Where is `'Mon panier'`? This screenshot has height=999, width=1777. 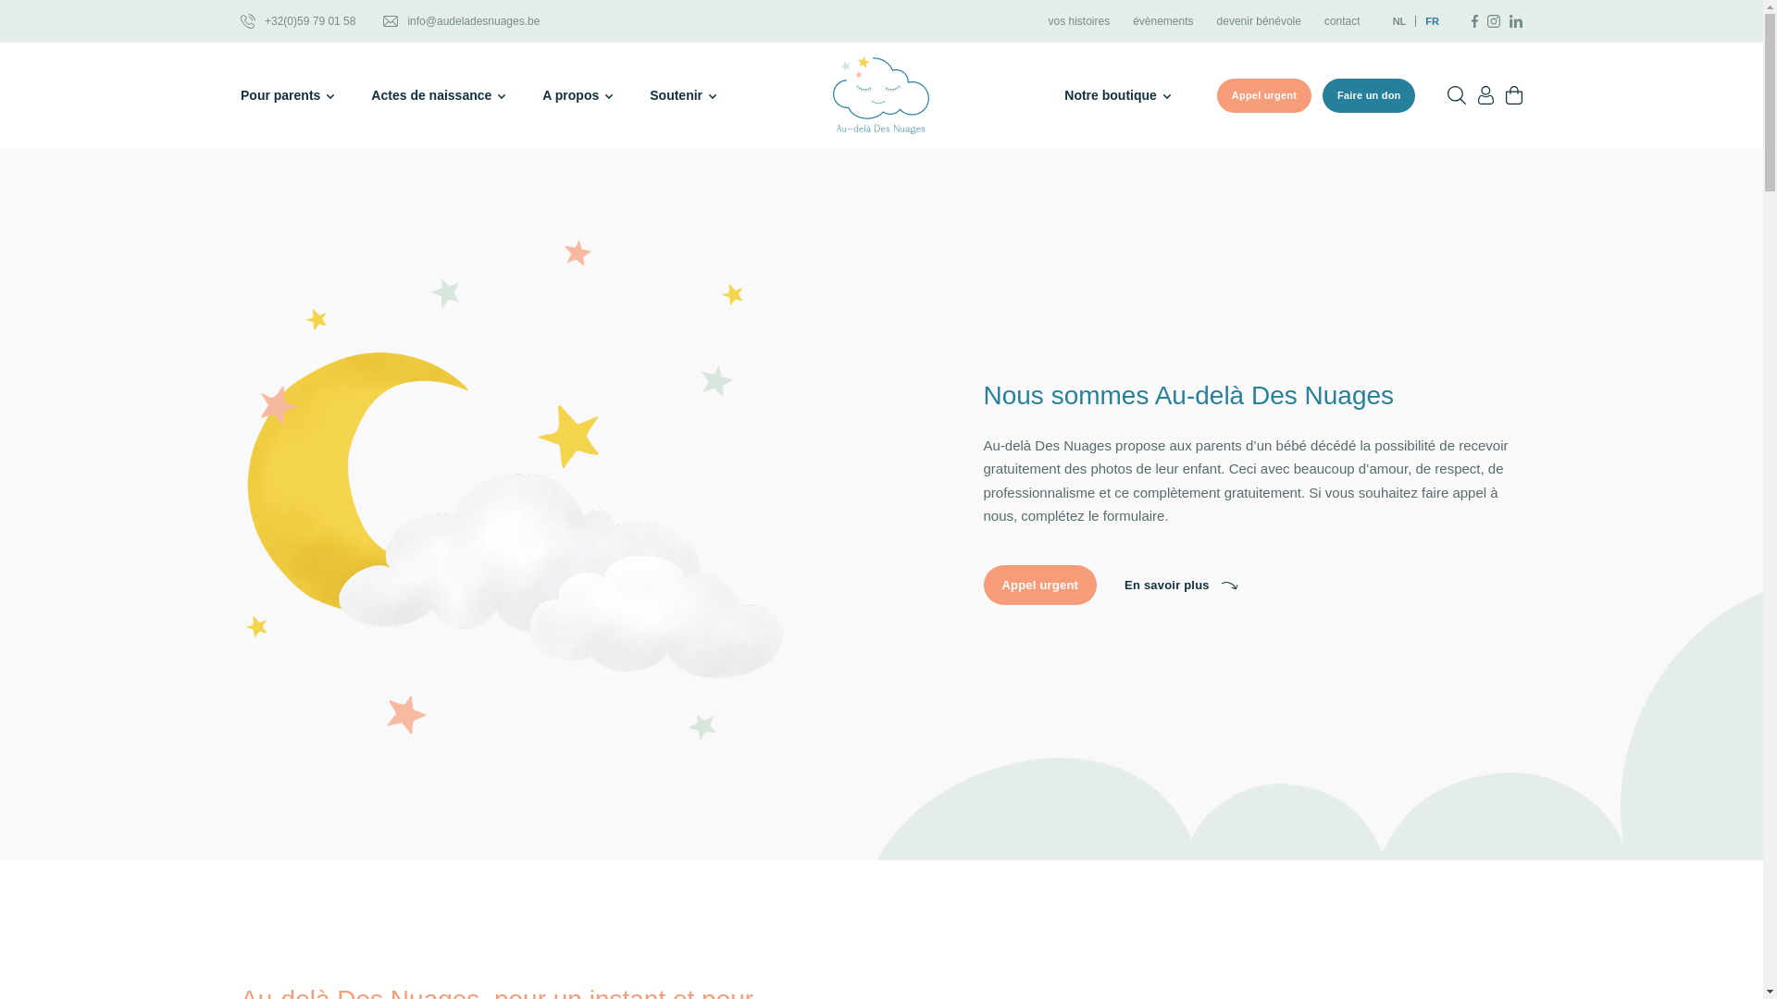
'Mon panier' is located at coordinates (1514, 95).